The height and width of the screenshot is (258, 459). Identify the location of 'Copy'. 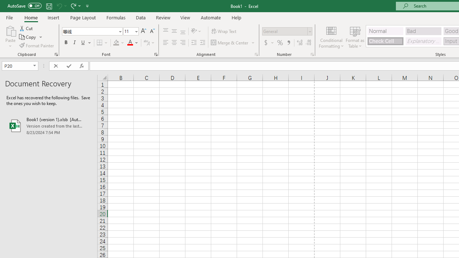
(28, 37).